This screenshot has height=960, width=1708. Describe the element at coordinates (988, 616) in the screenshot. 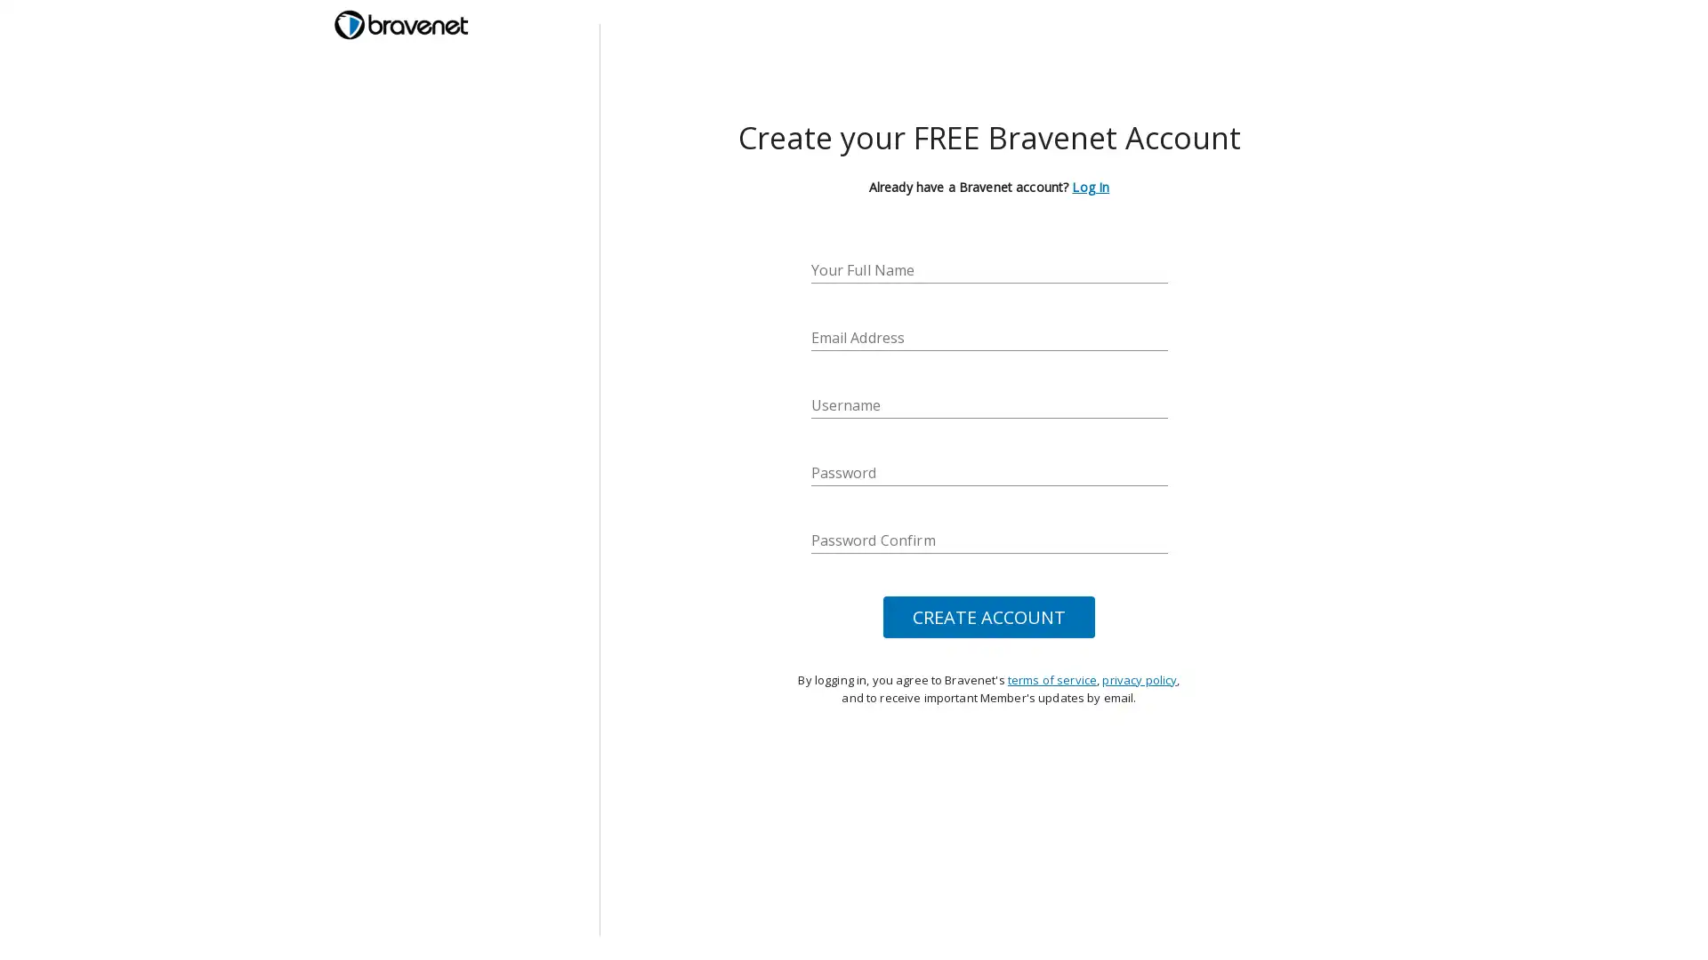

I see `CREATE ACCOUNT` at that location.